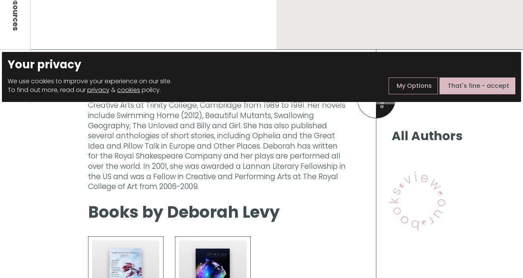 This screenshot has height=278, width=523. What do you see at coordinates (44, 64) in the screenshot?
I see `'Your privacy'` at bounding box center [44, 64].